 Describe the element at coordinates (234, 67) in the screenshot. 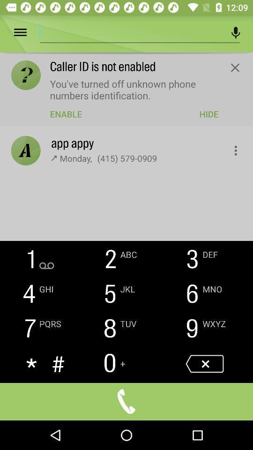

I see `the caller id notification` at that location.